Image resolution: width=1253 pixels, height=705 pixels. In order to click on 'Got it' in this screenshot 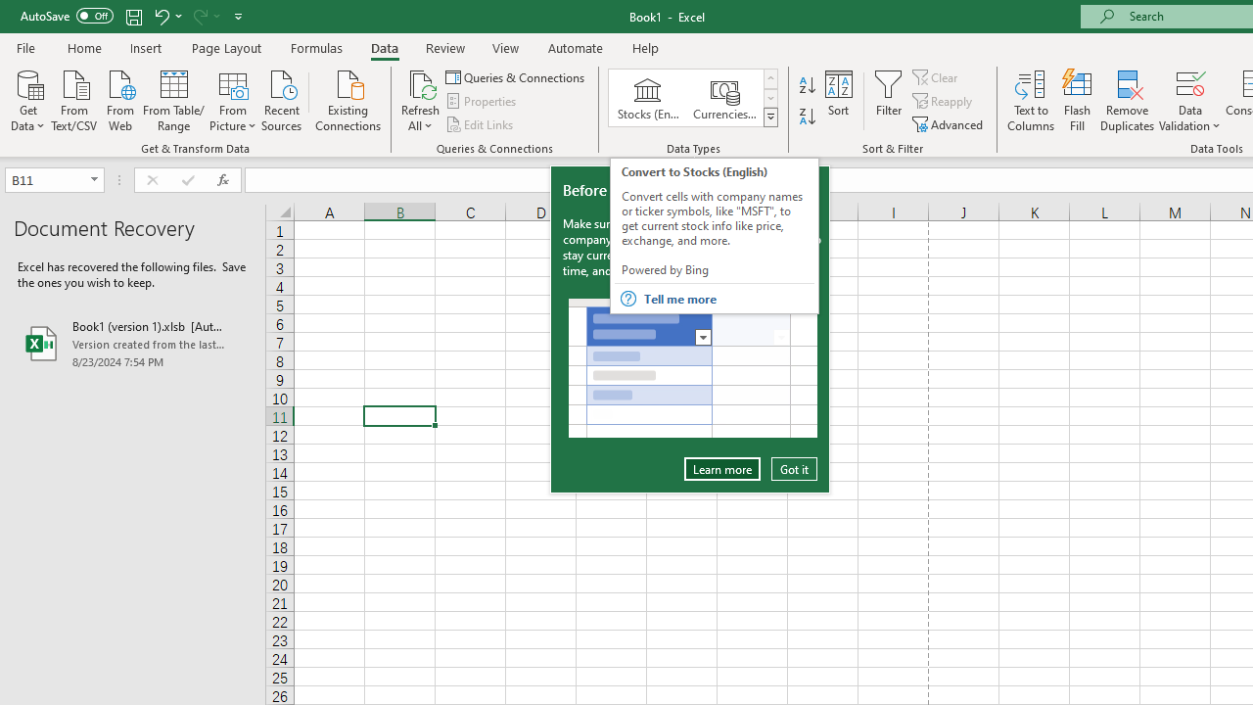, I will do `click(794, 469)`.